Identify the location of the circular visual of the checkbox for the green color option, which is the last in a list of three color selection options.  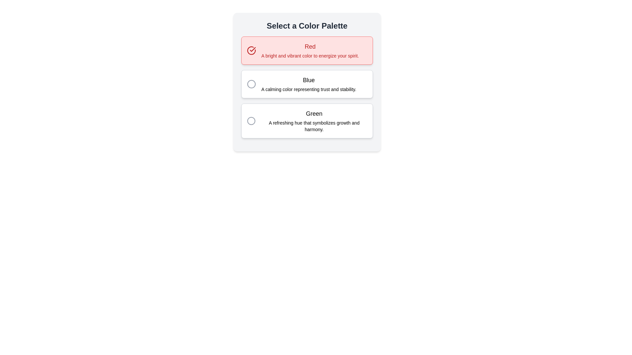
(251, 121).